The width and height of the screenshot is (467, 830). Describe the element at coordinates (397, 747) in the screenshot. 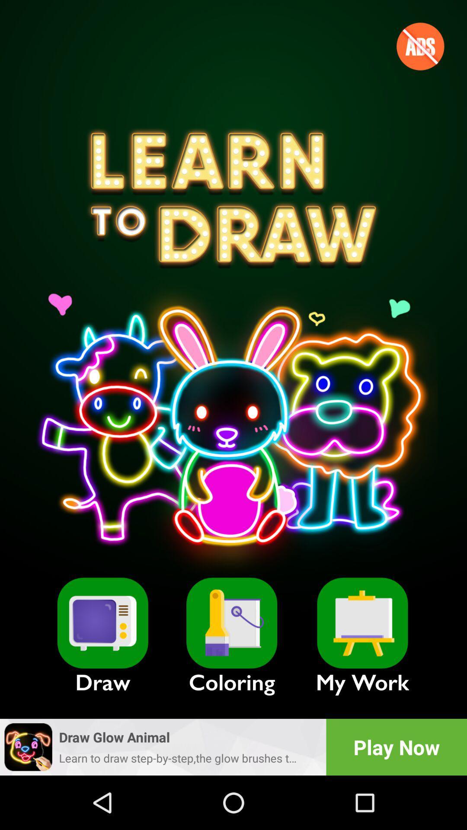

I see `the item below the my work item` at that location.